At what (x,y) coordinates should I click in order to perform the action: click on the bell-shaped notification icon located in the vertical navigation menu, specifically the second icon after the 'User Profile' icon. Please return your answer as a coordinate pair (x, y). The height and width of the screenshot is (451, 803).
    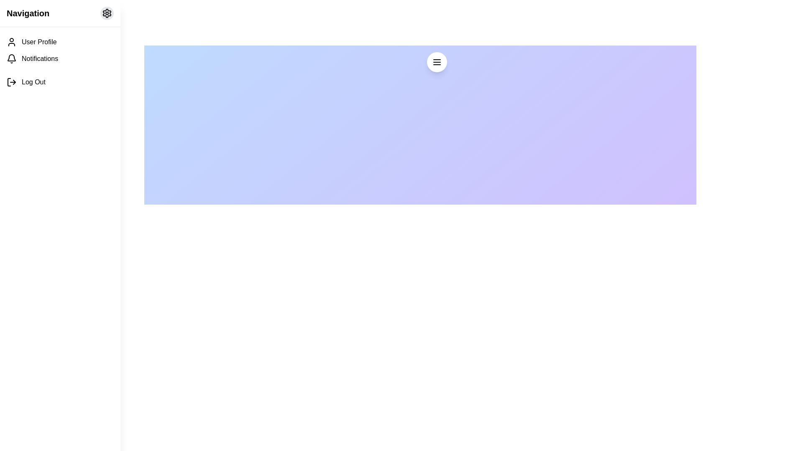
    Looking at the image, I should click on (12, 57).